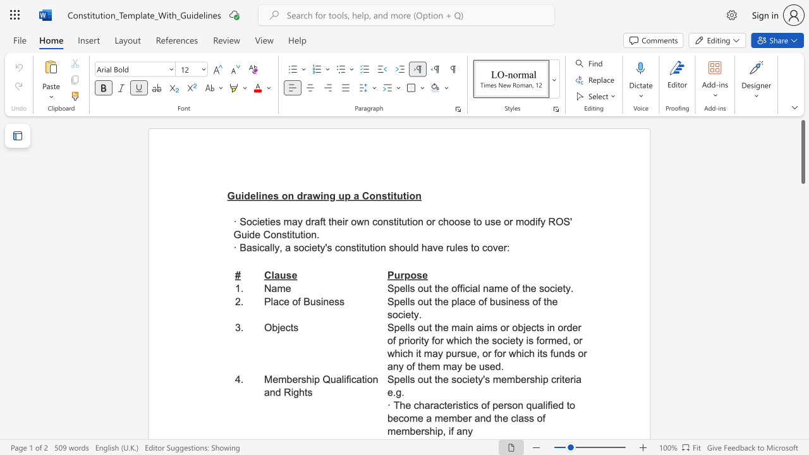 This screenshot has width=809, height=455. I want to click on the scrollbar to move the page downward, so click(802, 367).